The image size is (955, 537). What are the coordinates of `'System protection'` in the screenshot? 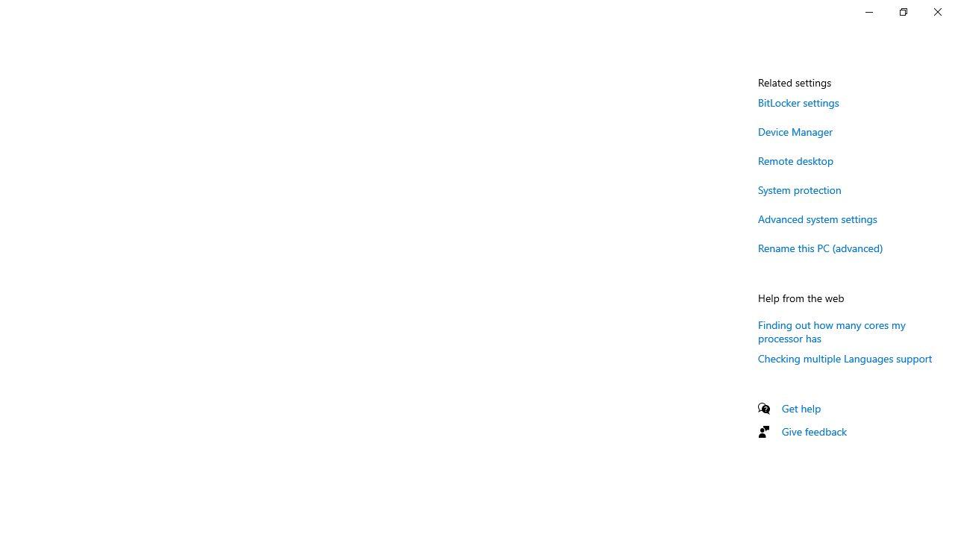 It's located at (799, 189).